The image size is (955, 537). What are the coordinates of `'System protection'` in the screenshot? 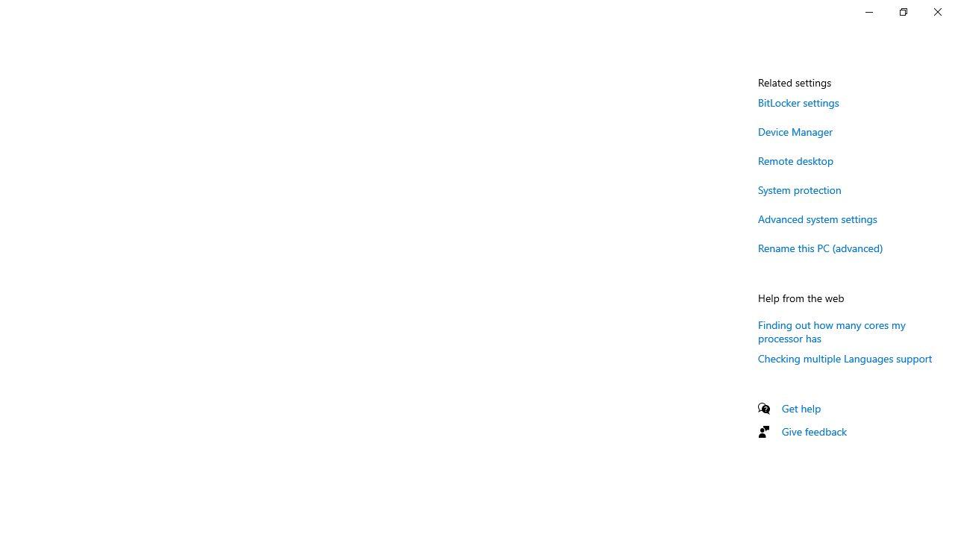 It's located at (799, 189).